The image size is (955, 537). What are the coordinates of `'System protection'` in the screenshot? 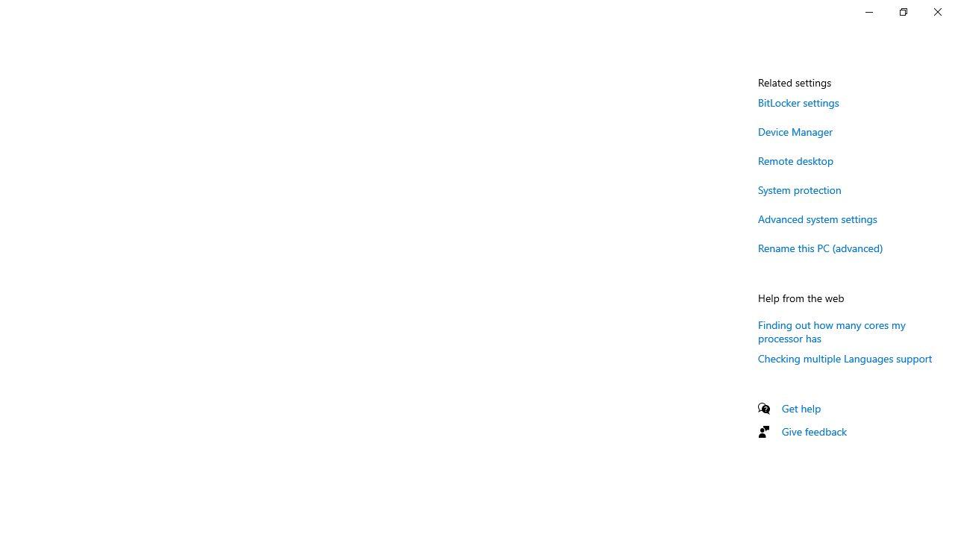 It's located at (799, 189).